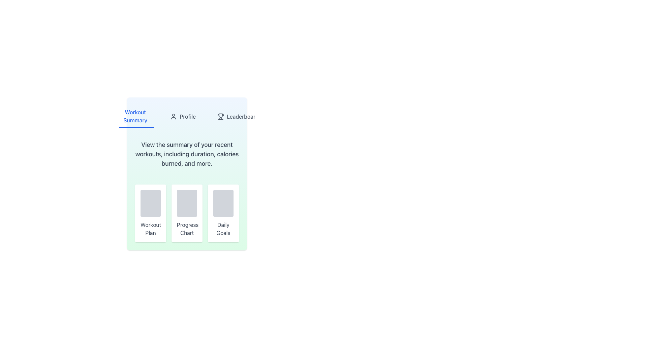  What do you see at coordinates (223, 213) in the screenshot?
I see `the 'Daily Goals' card located at the rightmost position of the card group` at bounding box center [223, 213].